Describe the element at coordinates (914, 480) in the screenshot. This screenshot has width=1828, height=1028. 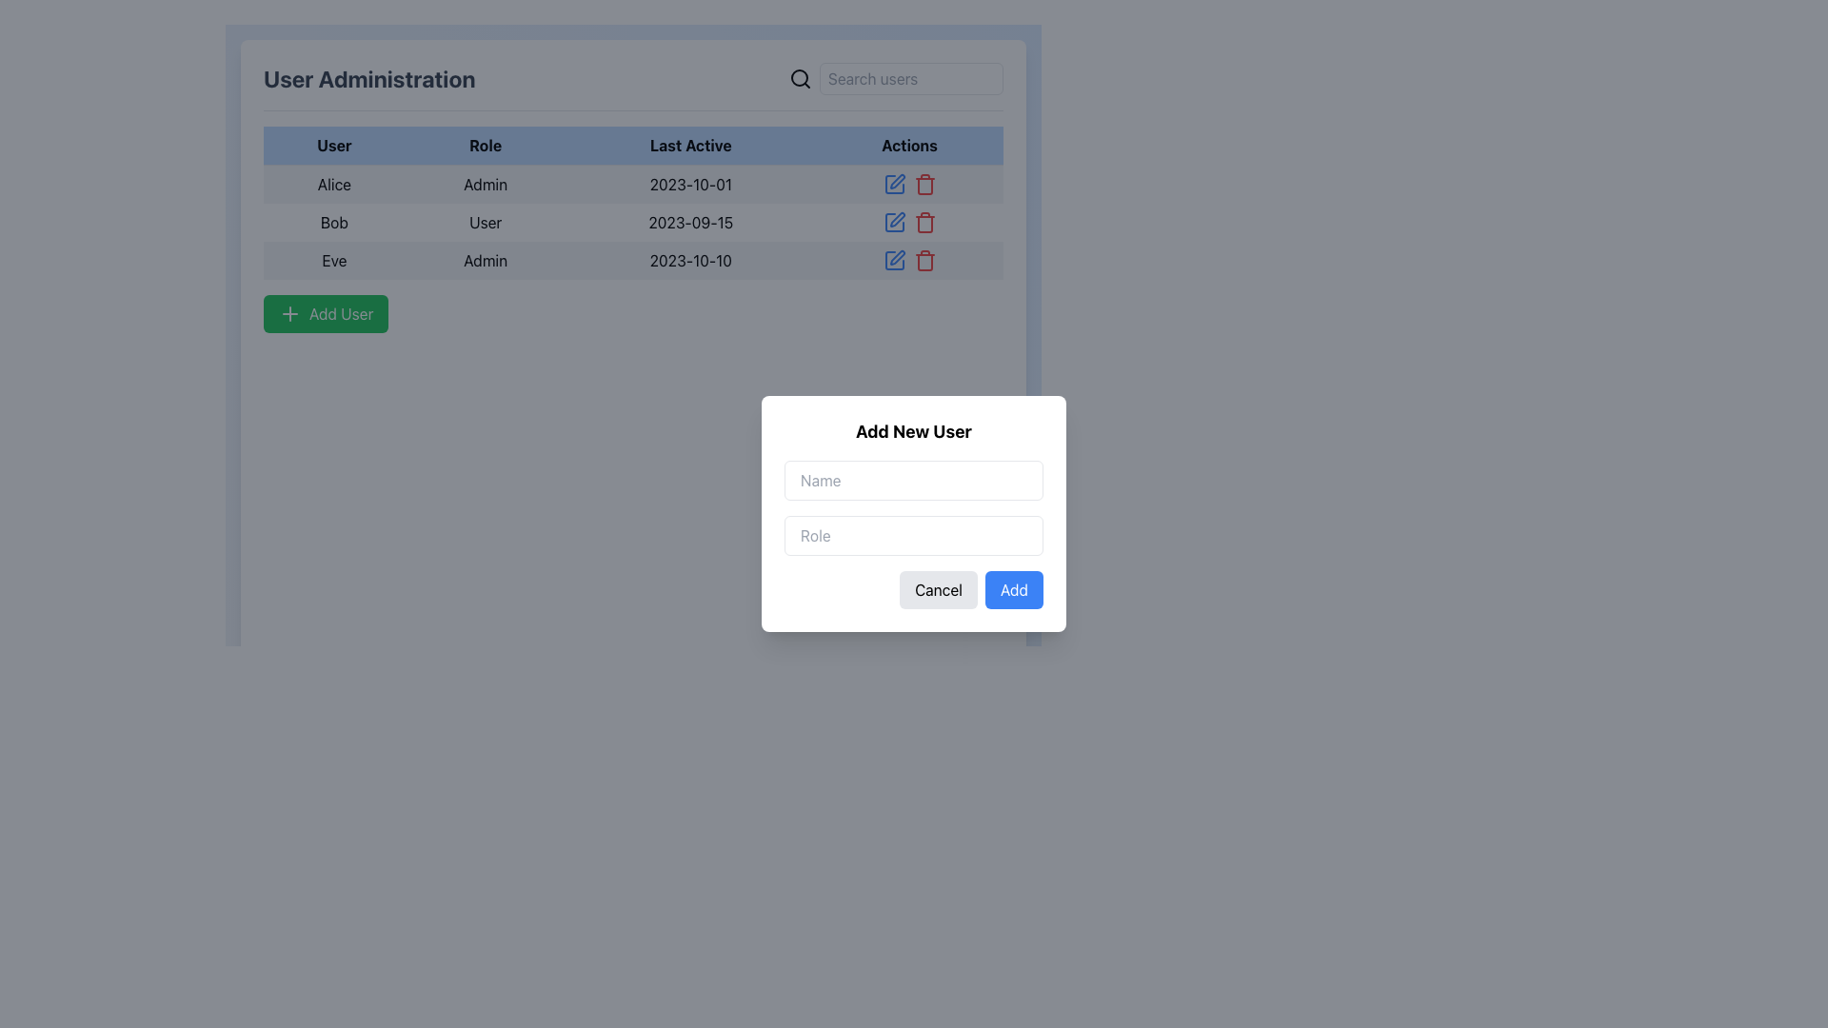
I see `the rectangular input field labeled 'Name'` at that location.